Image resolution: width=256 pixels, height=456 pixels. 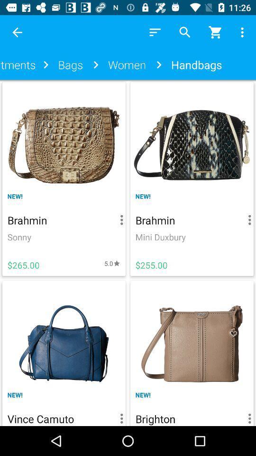 I want to click on the option button which is right side of the text brahmin, so click(x=119, y=220).